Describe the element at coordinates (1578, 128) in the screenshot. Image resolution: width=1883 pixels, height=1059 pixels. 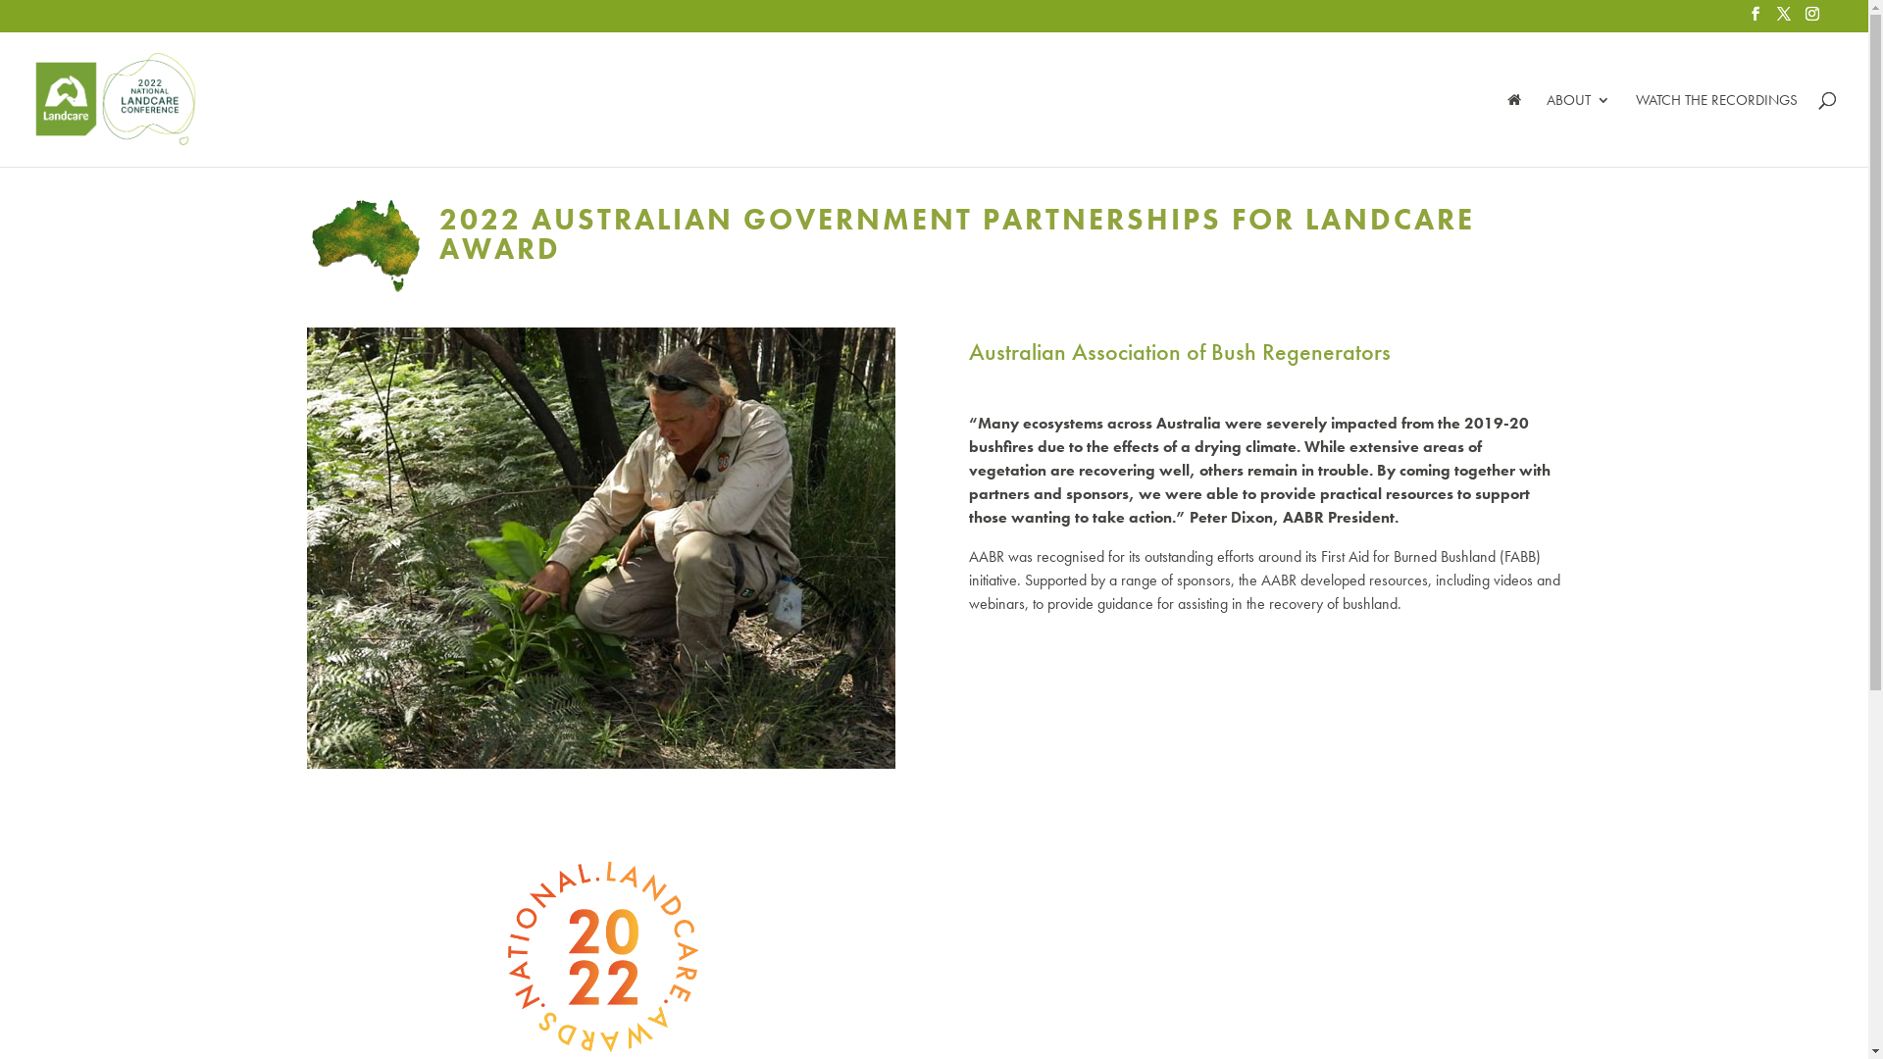
I see `'ABOUT'` at that location.